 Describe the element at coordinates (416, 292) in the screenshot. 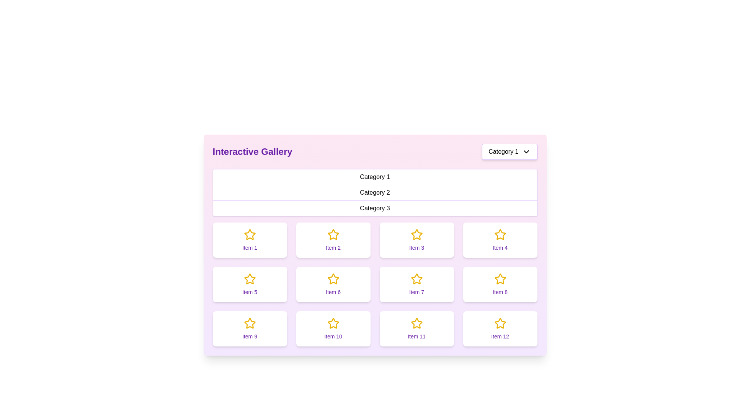

I see `text from the title text label located in the second row and third column of the grid layout, which is directly below the yellow star icon within its card under 'Category 1'` at that location.